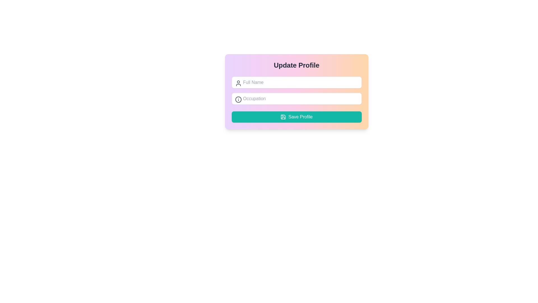 The width and height of the screenshot is (538, 303). What do you see at coordinates (238, 99) in the screenshot?
I see `the SVG Circle Element located to the left of the 'Occupation' input field, which visually represents part of an informational or decorative icon` at bounding box center [238, 99].